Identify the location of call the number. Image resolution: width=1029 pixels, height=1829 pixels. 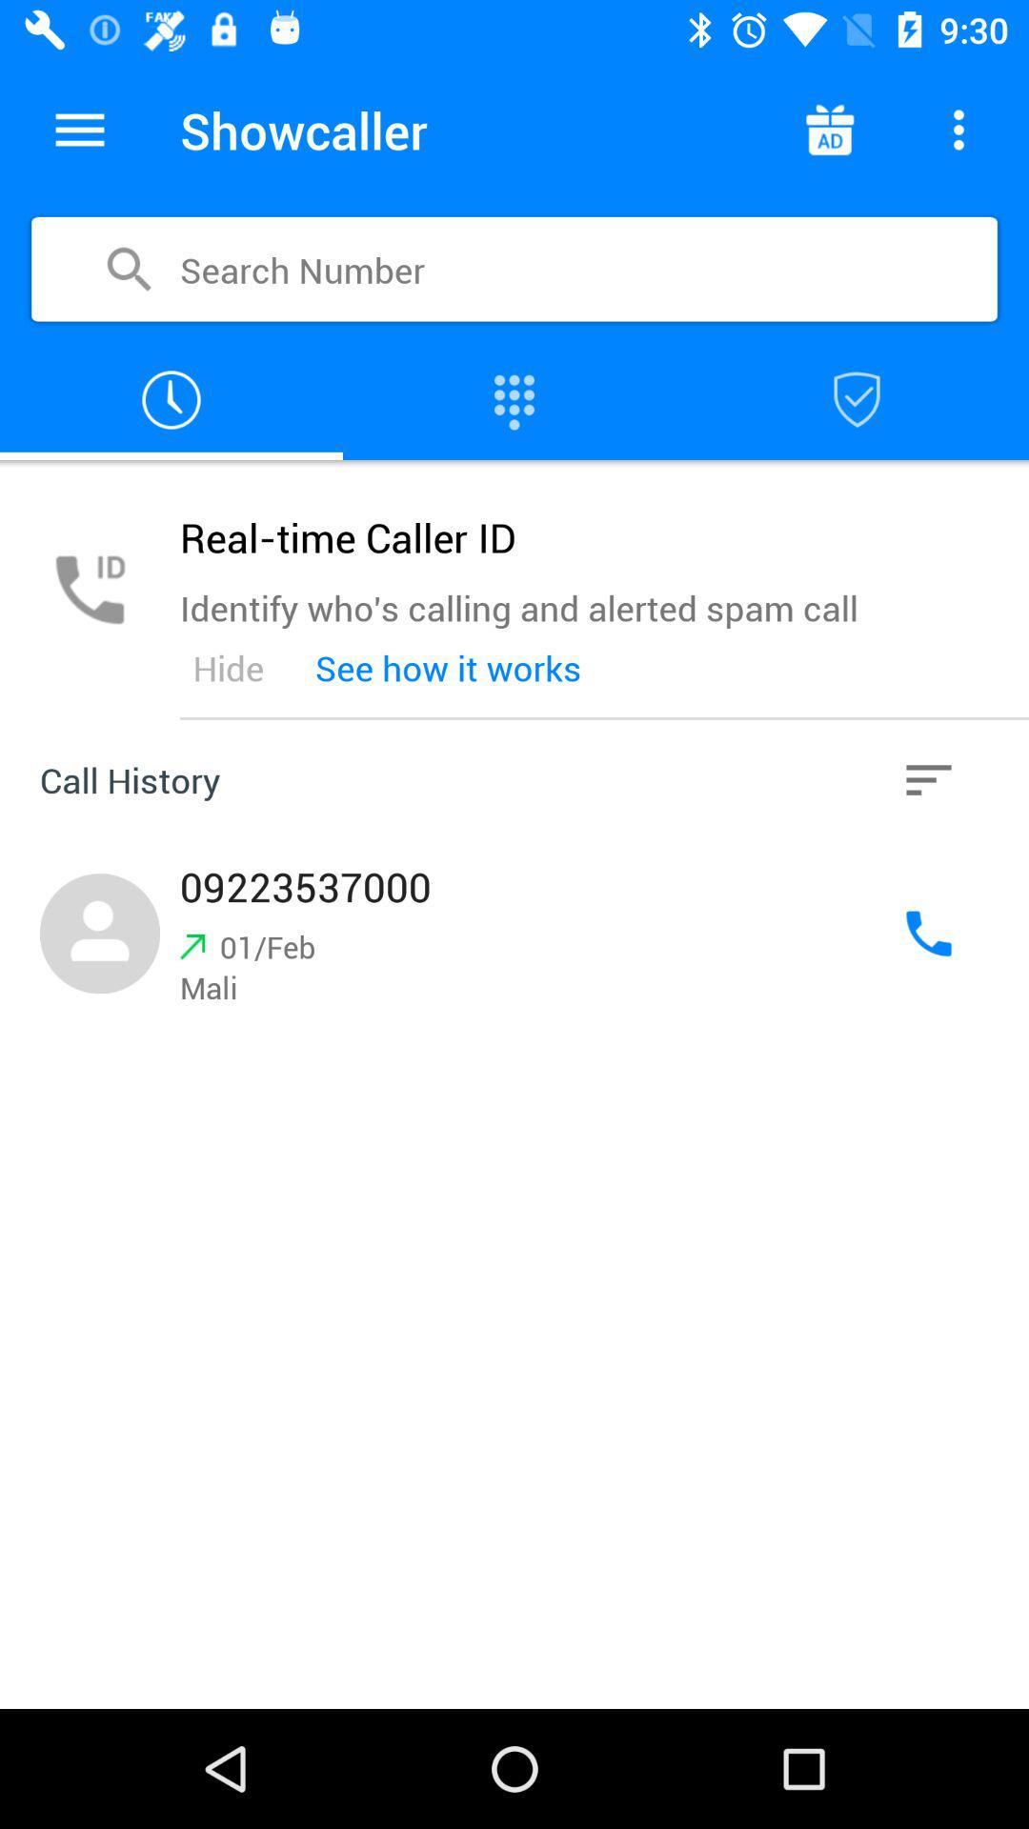
(928, 934).